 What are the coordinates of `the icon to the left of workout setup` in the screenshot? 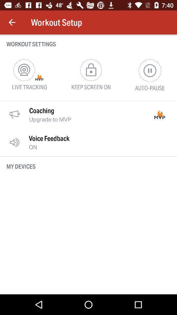 It's located at (12, 22).